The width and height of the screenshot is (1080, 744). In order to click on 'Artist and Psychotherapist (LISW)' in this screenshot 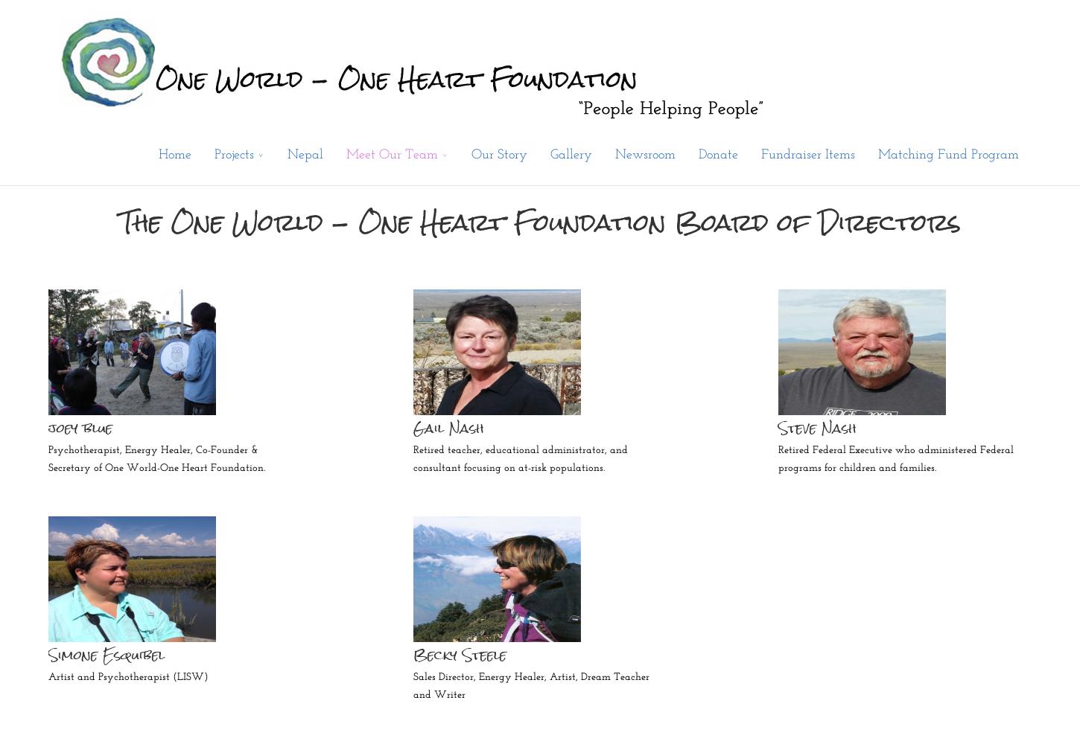, I will do `click(127, 677)`.